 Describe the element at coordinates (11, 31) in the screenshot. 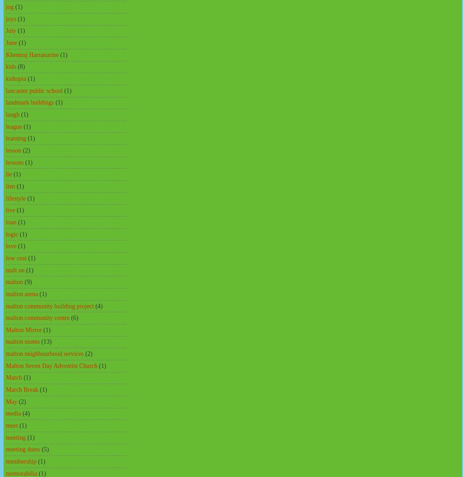

I see `'July'` at that location.